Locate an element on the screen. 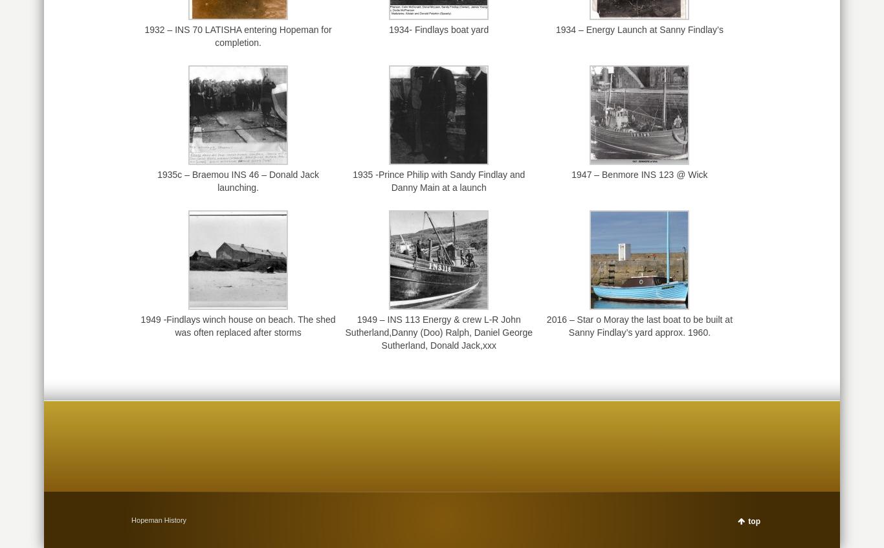 This screenshot has width=884, height=548. '1949 -Findlays winch house on beach. The shed was often replaced after storms' is located at coordinates (237, 325).